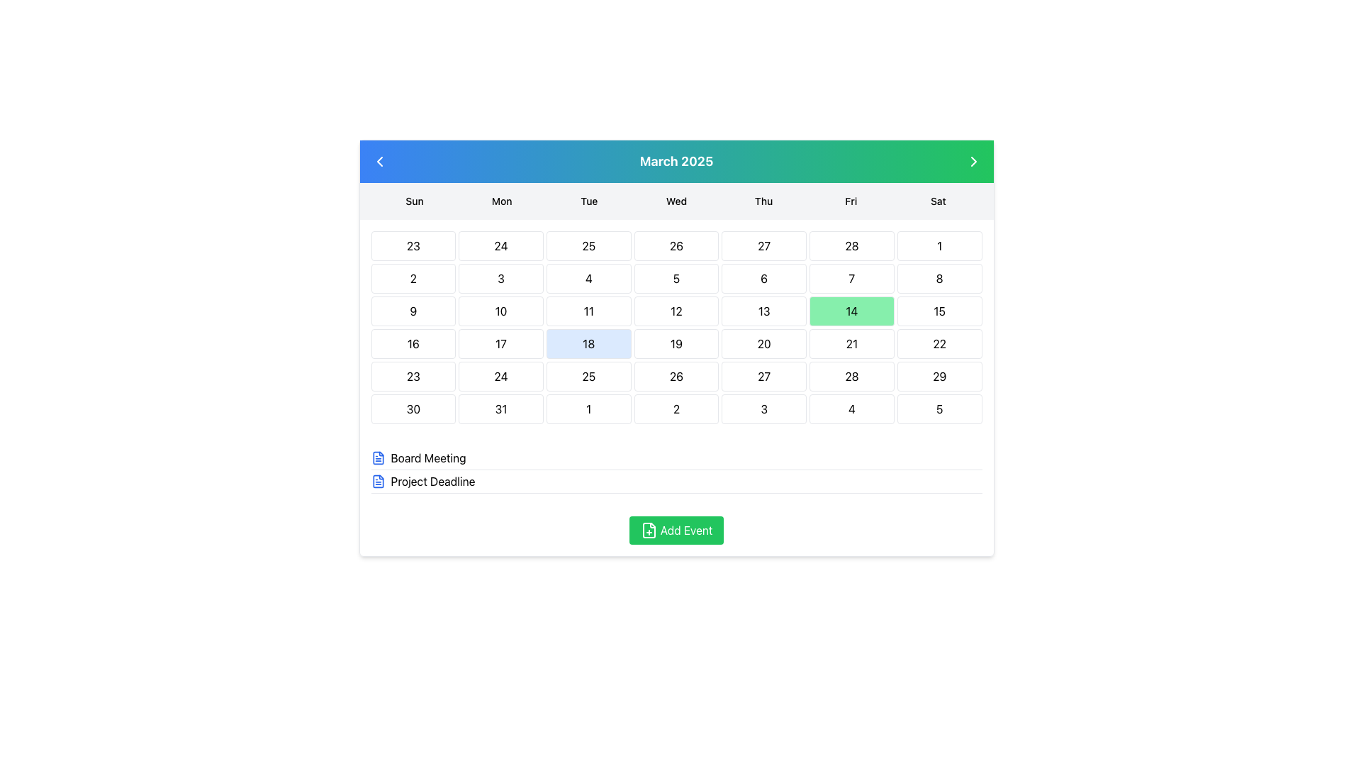  Describe the element at coordinates (413, 311) in the screenshot. I see `the date button-like label displaying the day number in the calendar interface located under the 'Mon' header in the third row and third column` at that location.